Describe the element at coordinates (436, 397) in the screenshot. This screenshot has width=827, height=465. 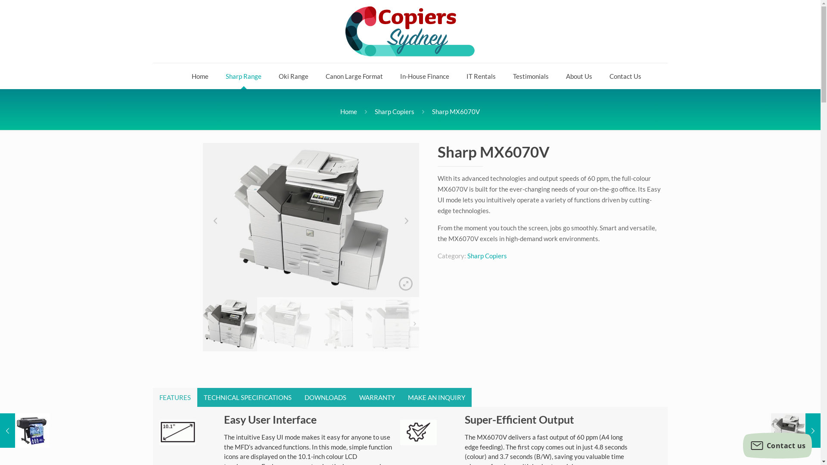
I see `'MAKE AN INQUIRY'` at that location.